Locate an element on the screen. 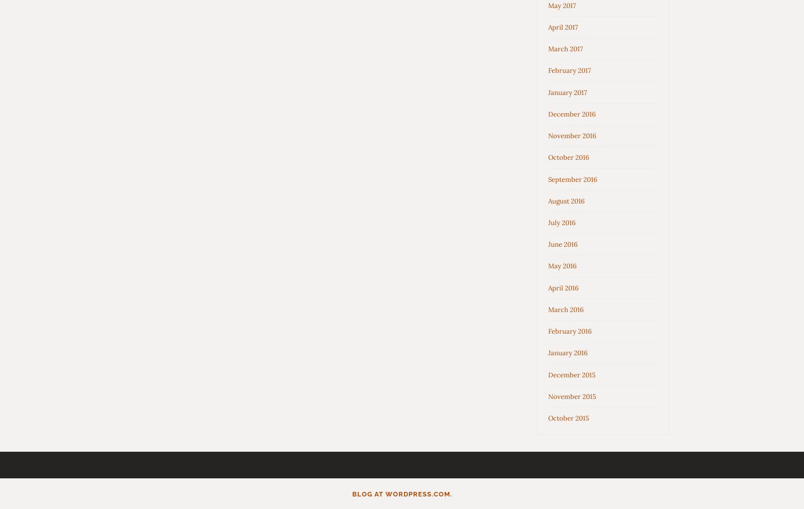 The image size is (804, 509). 'October 2015' is located at coordinates (568, 417).